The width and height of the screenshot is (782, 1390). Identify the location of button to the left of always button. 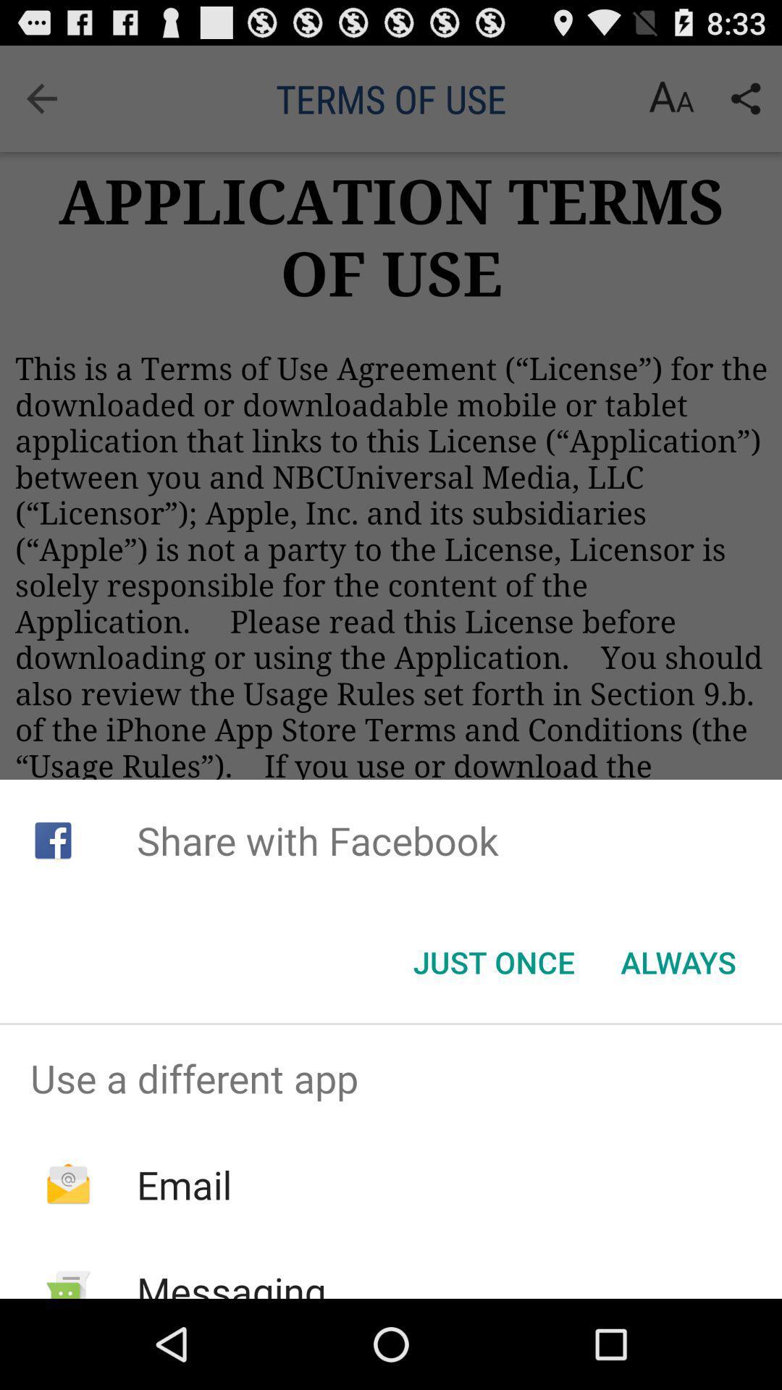
(493, 962).